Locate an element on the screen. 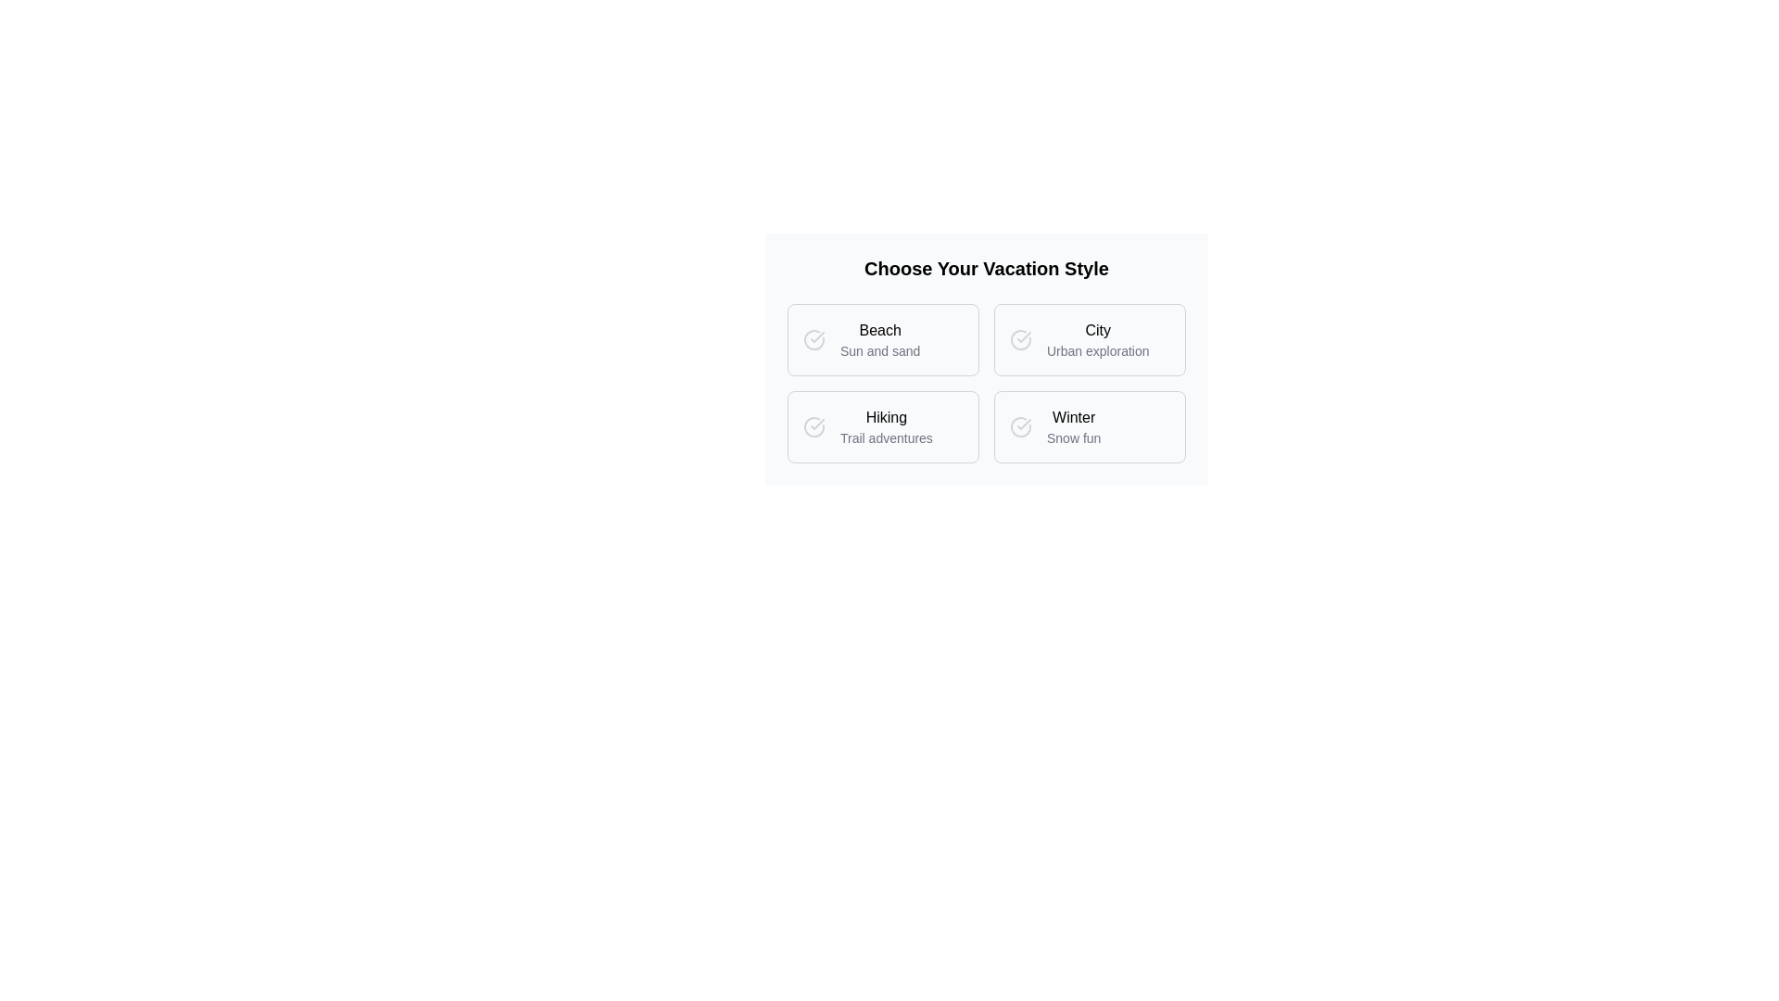 The image size is (1779, 1001). the radio button for the 'Beach' option is located at coordinates (814, 339).